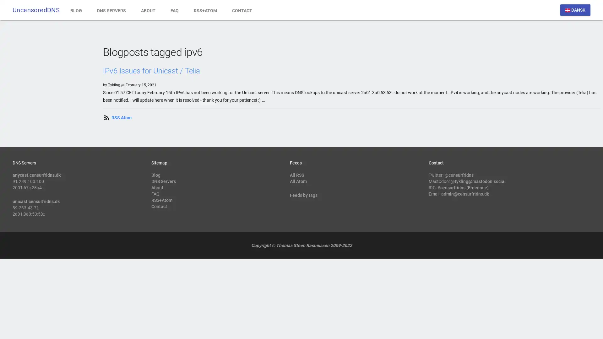 The image size is (603, 339). What do you see at coordinates (575, 10) in the screenshot?
I see `dansk DANSK` at bounding box center [575, 10].